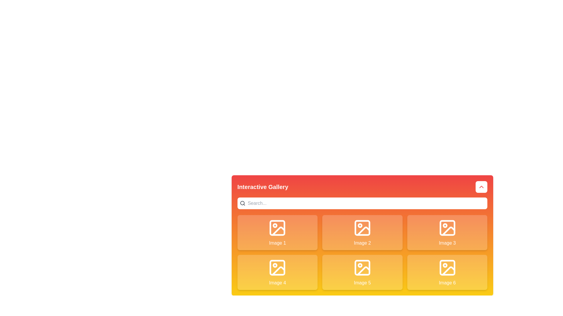  Describe the element at coordinates (277, 267) in the screenshot. I see `the rounded rectangle element located within the 'Image 4' thumbnail in the second row of the image gallery` at that location.